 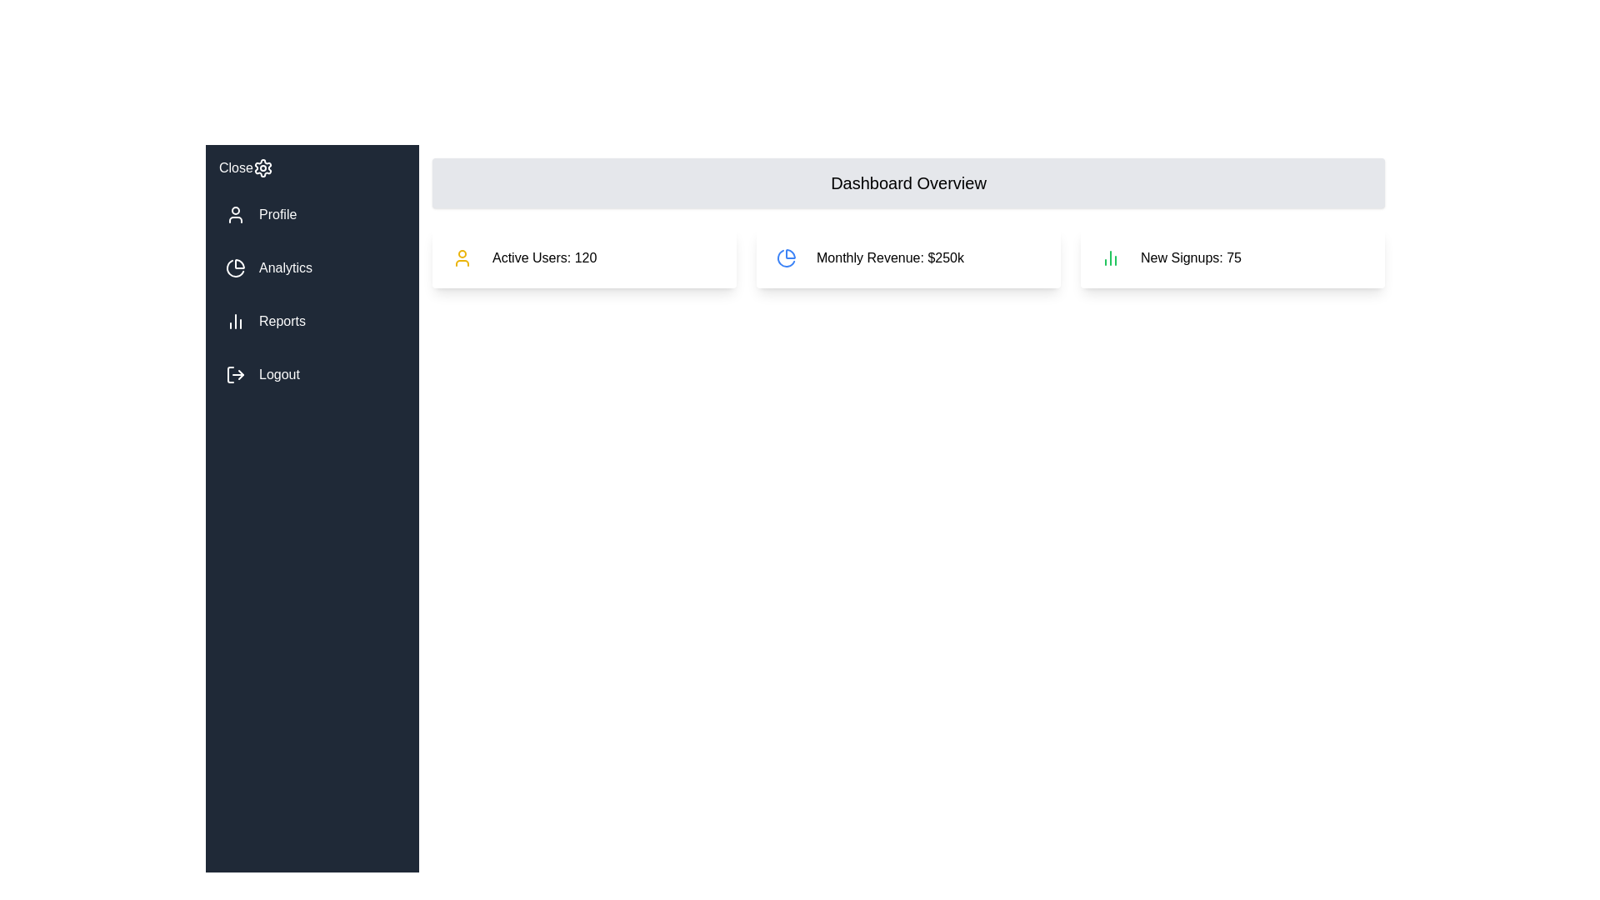 I want to click on the logout arrow icon in the sidebar menu, which is directly above the word 'Logout', so click(x=235, y=375).